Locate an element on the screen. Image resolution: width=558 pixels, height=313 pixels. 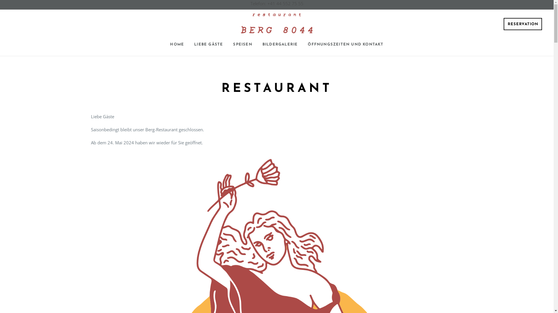
'Telefon: +41 44 552 75 55' is located at coordinates (251, 3).